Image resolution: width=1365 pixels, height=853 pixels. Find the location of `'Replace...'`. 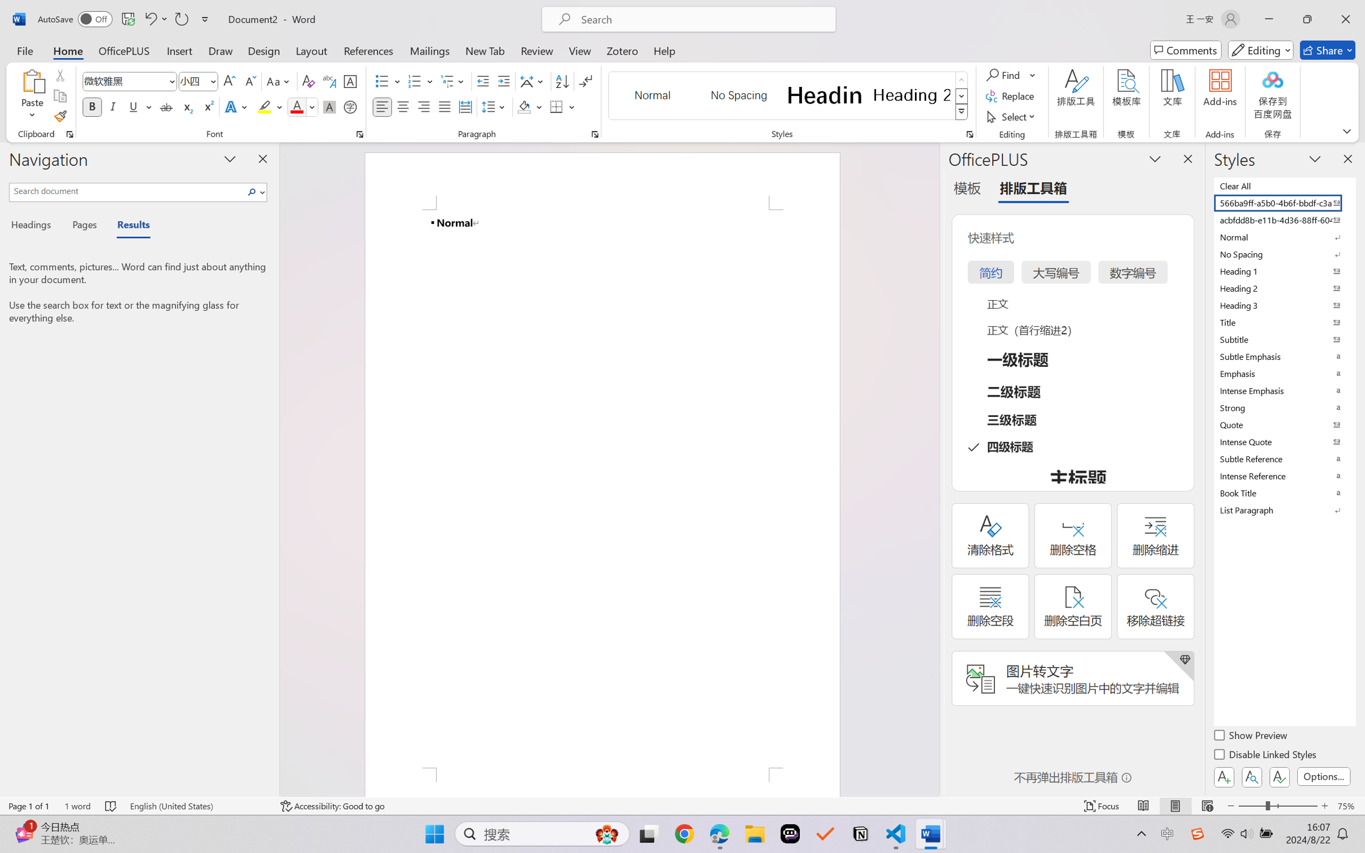

'Replace...' is located at coordinates (1010, 96).